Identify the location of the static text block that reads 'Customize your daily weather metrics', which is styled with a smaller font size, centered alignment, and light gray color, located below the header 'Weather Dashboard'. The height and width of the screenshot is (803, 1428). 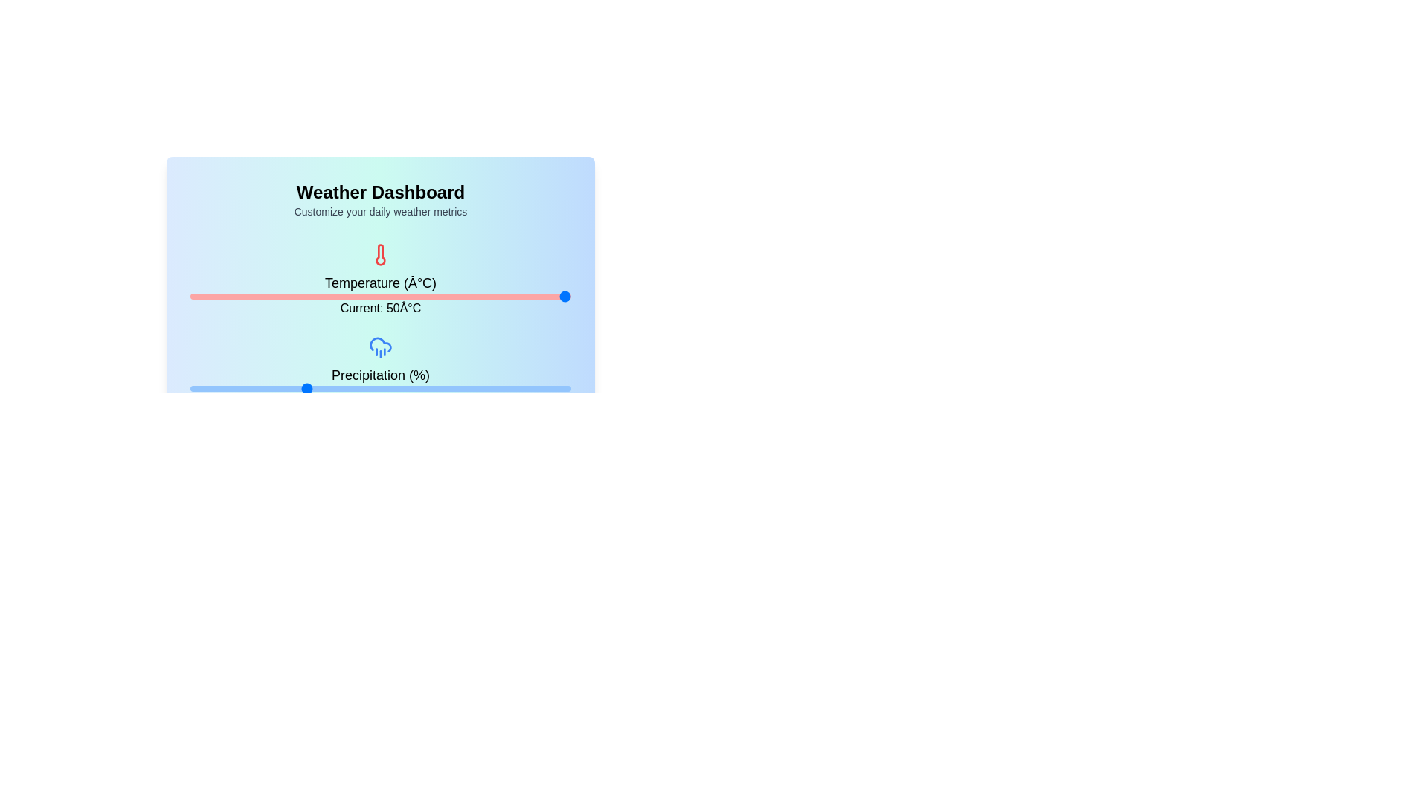
(381, 212).